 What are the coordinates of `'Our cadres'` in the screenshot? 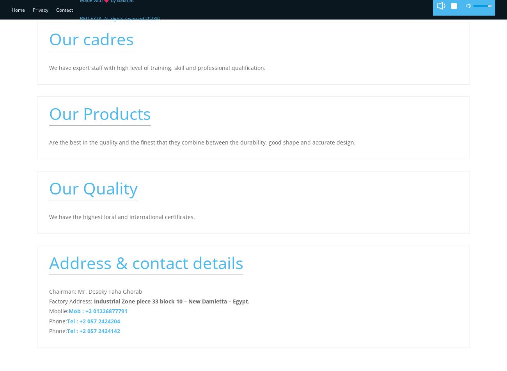 It's located at (91, 38).